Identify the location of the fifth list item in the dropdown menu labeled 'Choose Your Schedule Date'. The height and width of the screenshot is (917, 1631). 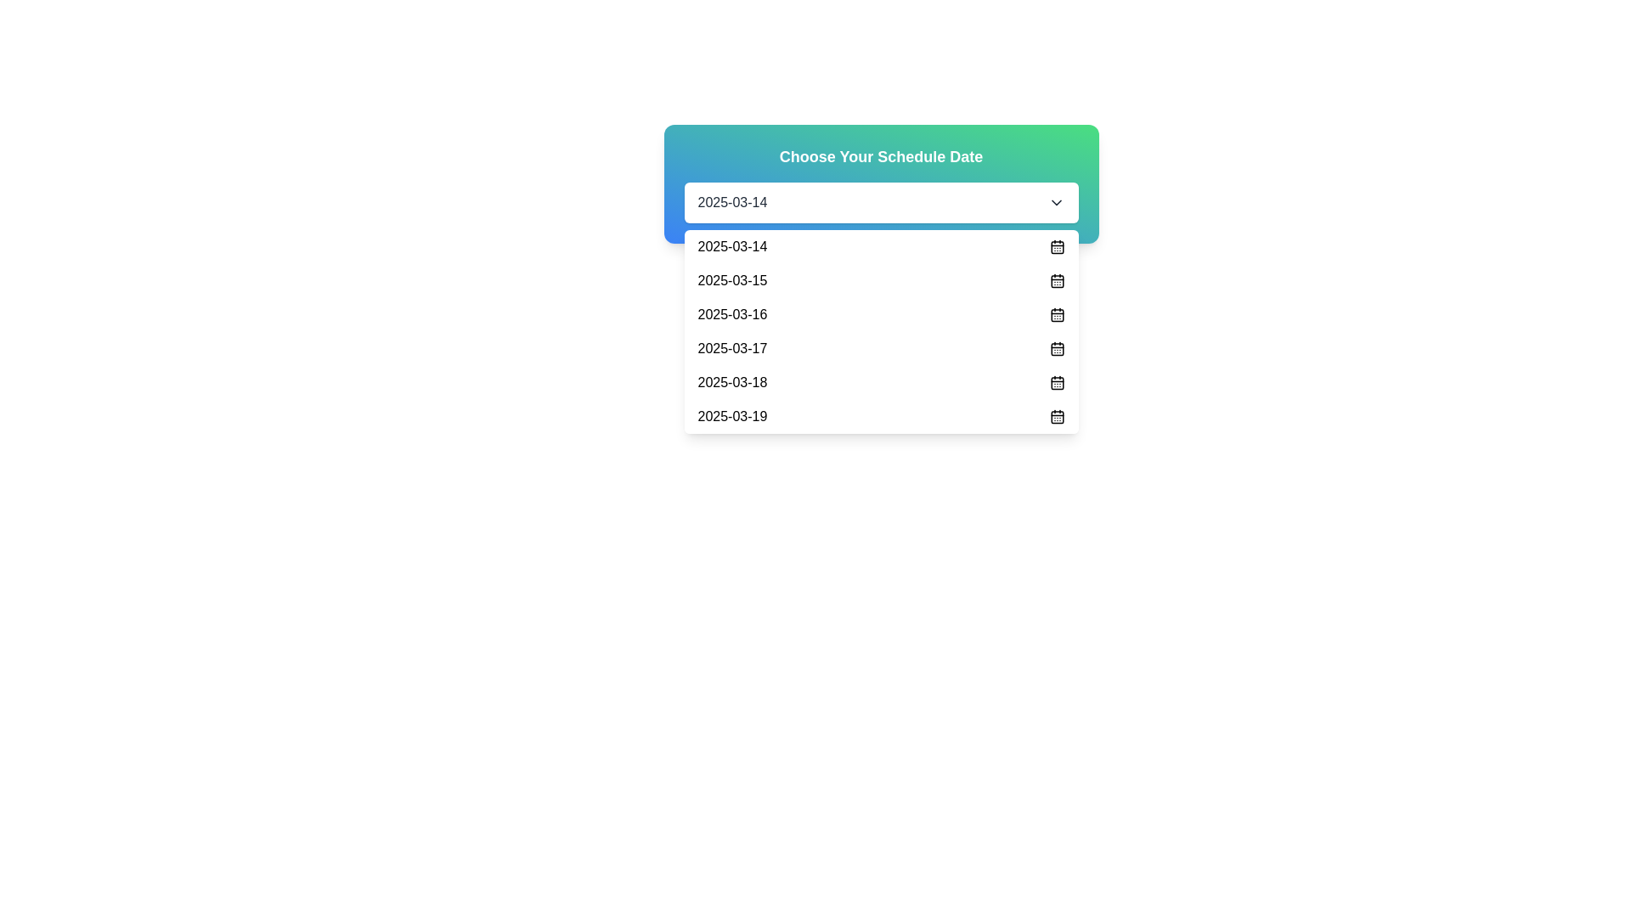
(881, 348).